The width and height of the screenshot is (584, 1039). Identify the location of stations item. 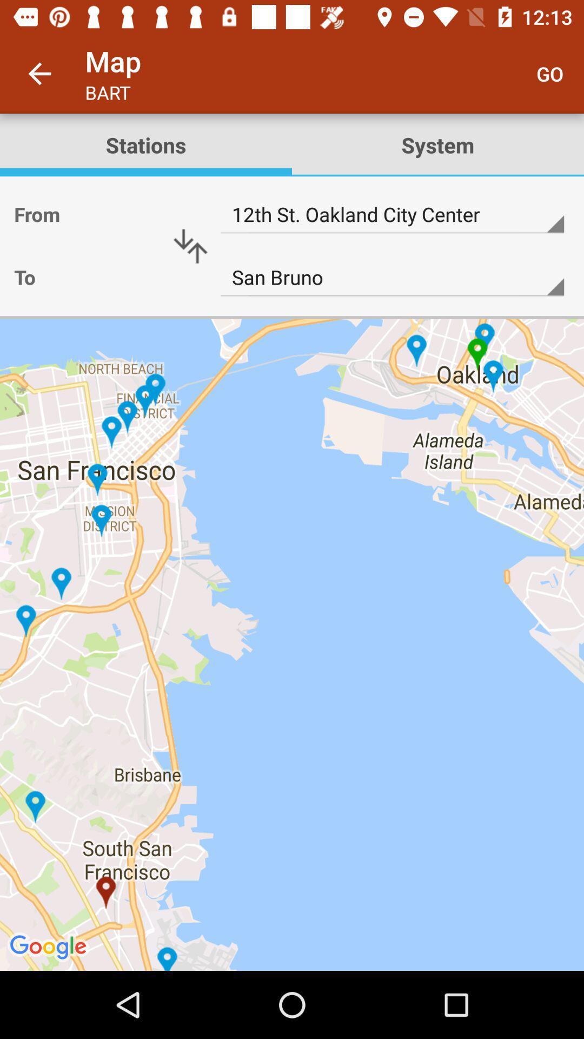
(146, 144).